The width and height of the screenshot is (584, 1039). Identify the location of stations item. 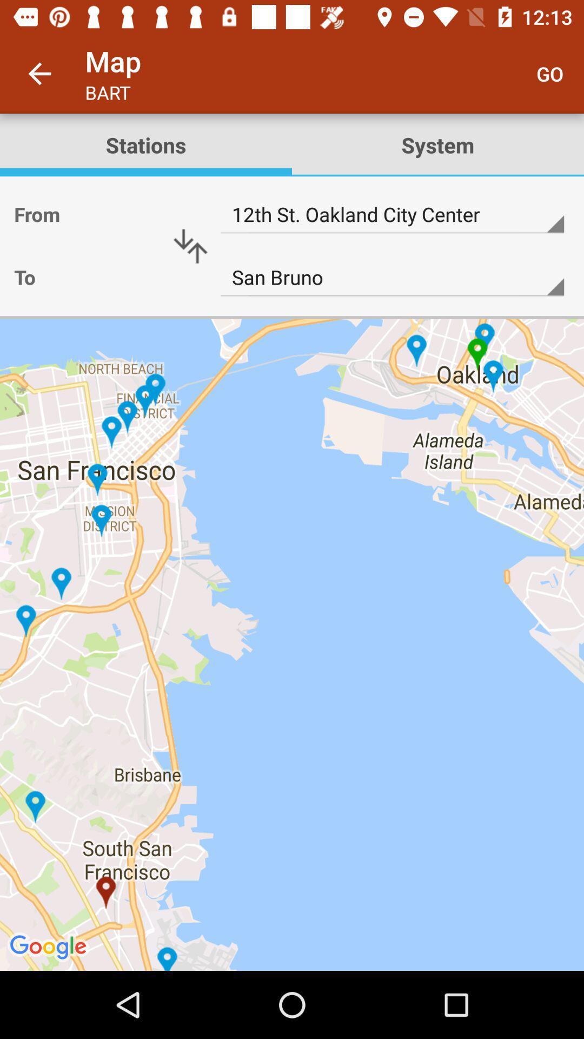
(146, 144).